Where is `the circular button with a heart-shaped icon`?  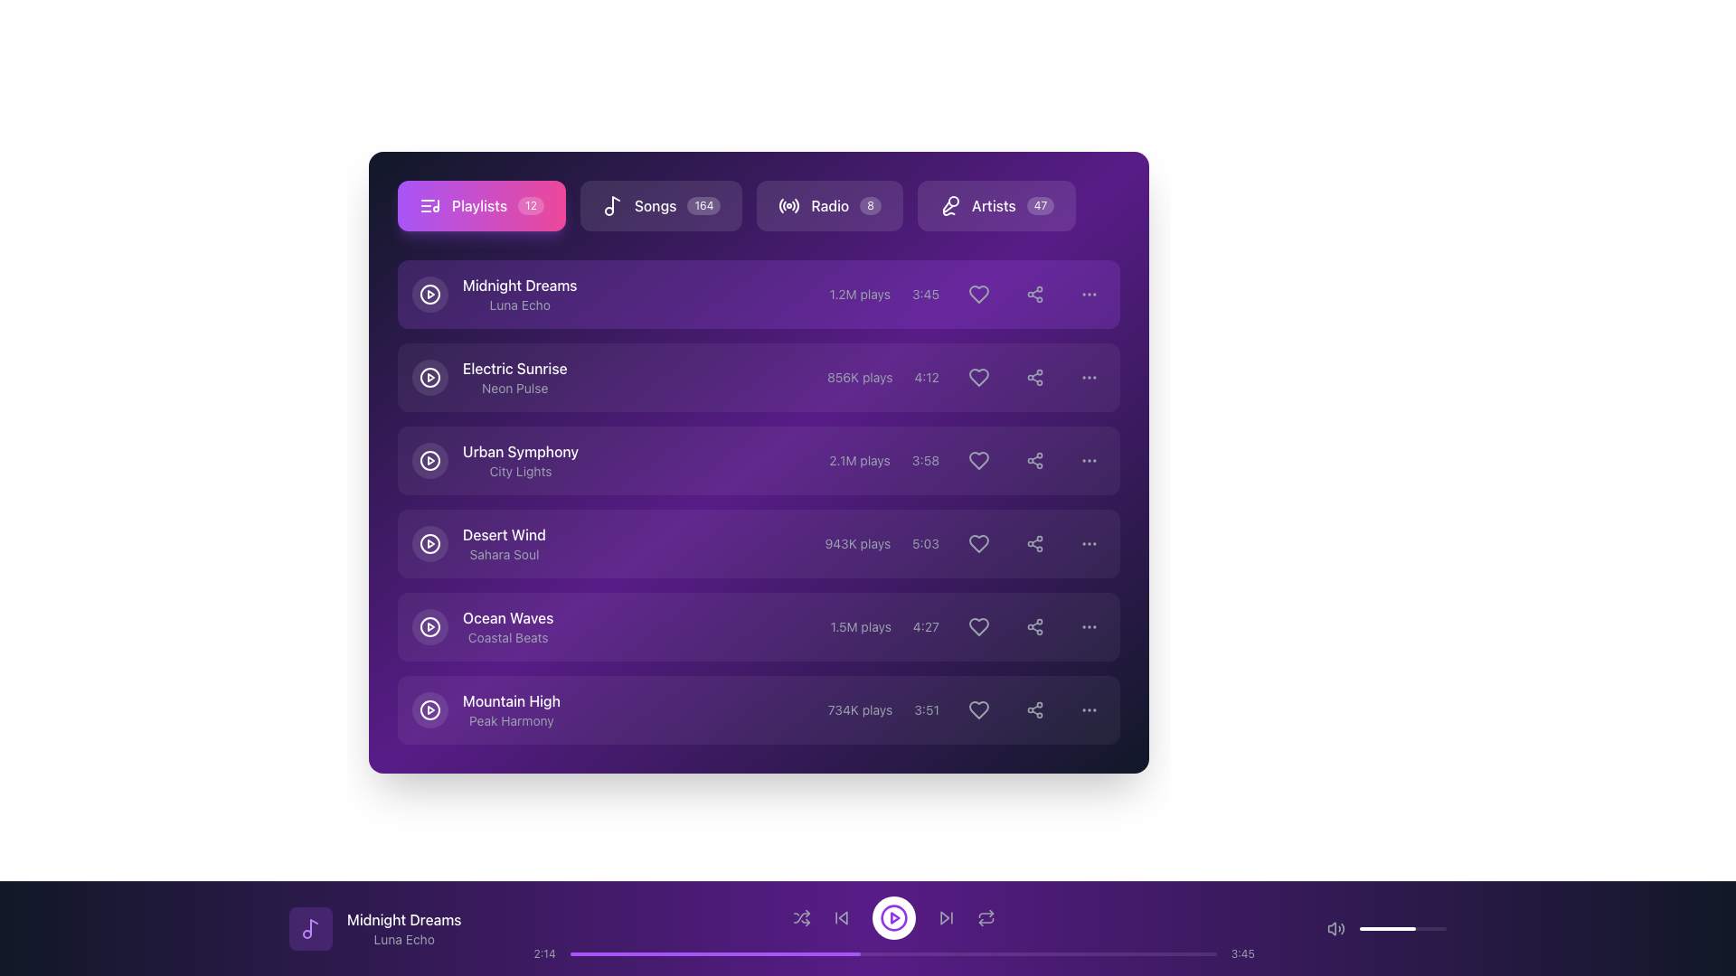 the circular button with a heart-shaped icon is located at coordinates (978, 626).